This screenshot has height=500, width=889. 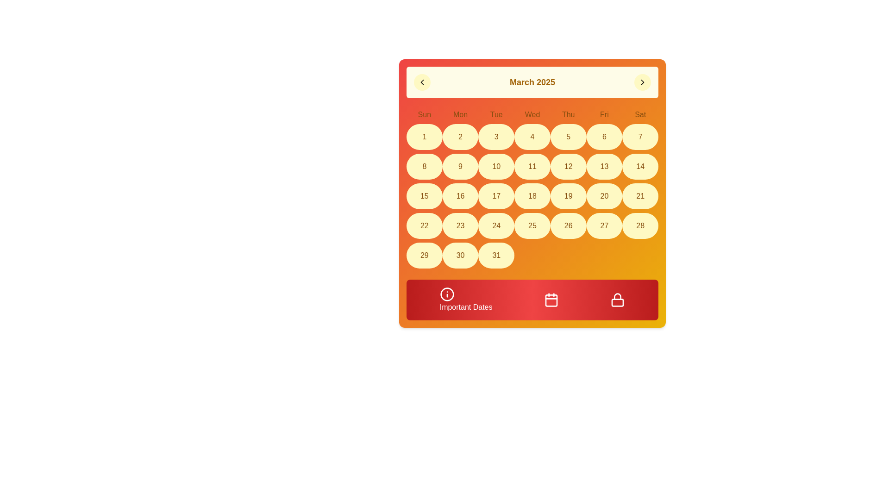 What do you see at coordinates (568, 166) in the screenshot?
I see `the button-like calendar date representing '12' in the fifth column of the third row, aligned with 'Thu'` at bounding box center [568, 166].